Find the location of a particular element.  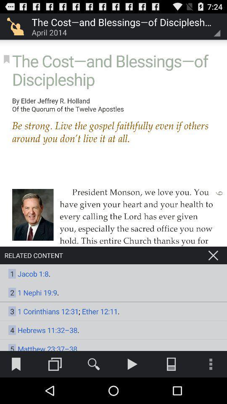

the close icon is located at coordinates (213, 273).